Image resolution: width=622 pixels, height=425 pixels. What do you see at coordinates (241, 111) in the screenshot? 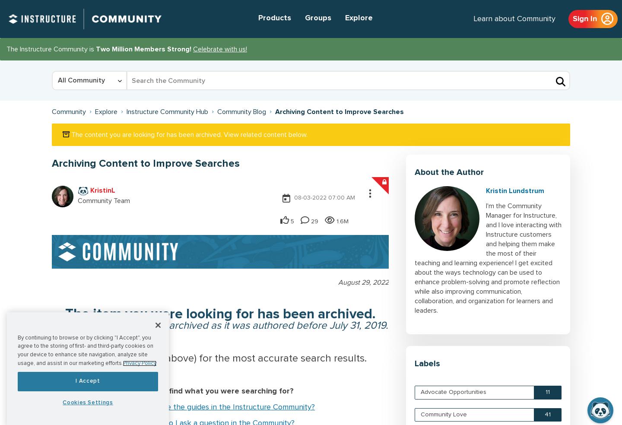
I see `'Community Blog'` at bounding box center [241, 111].